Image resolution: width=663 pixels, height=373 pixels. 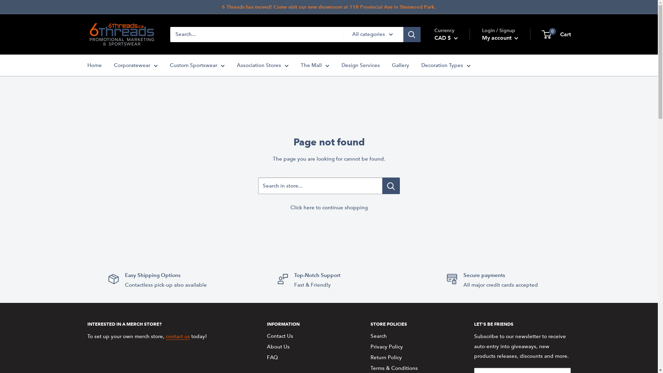 What do you see at coordinates (400, 65) in the screenshot?
I see `'Gallery'` at bounding box center [400, 65].